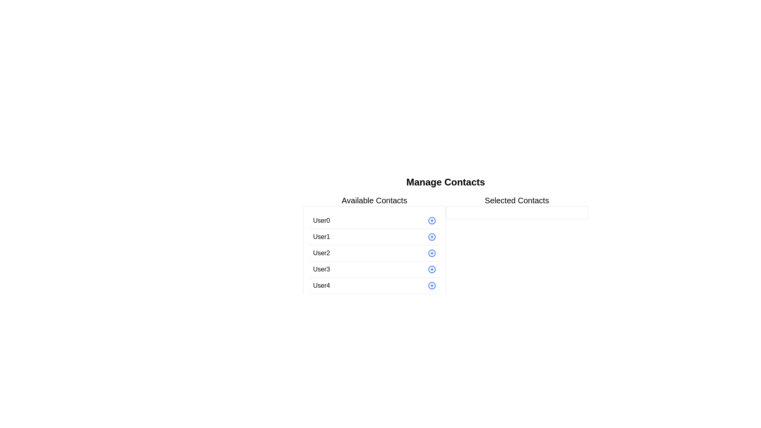 Image resolution: width=761 pixels, height=428 pixels. I want to click on the text element labeled 'User3', which is the fourth entry in the list of usernames under 'Available Contacts', so click(321, 269).